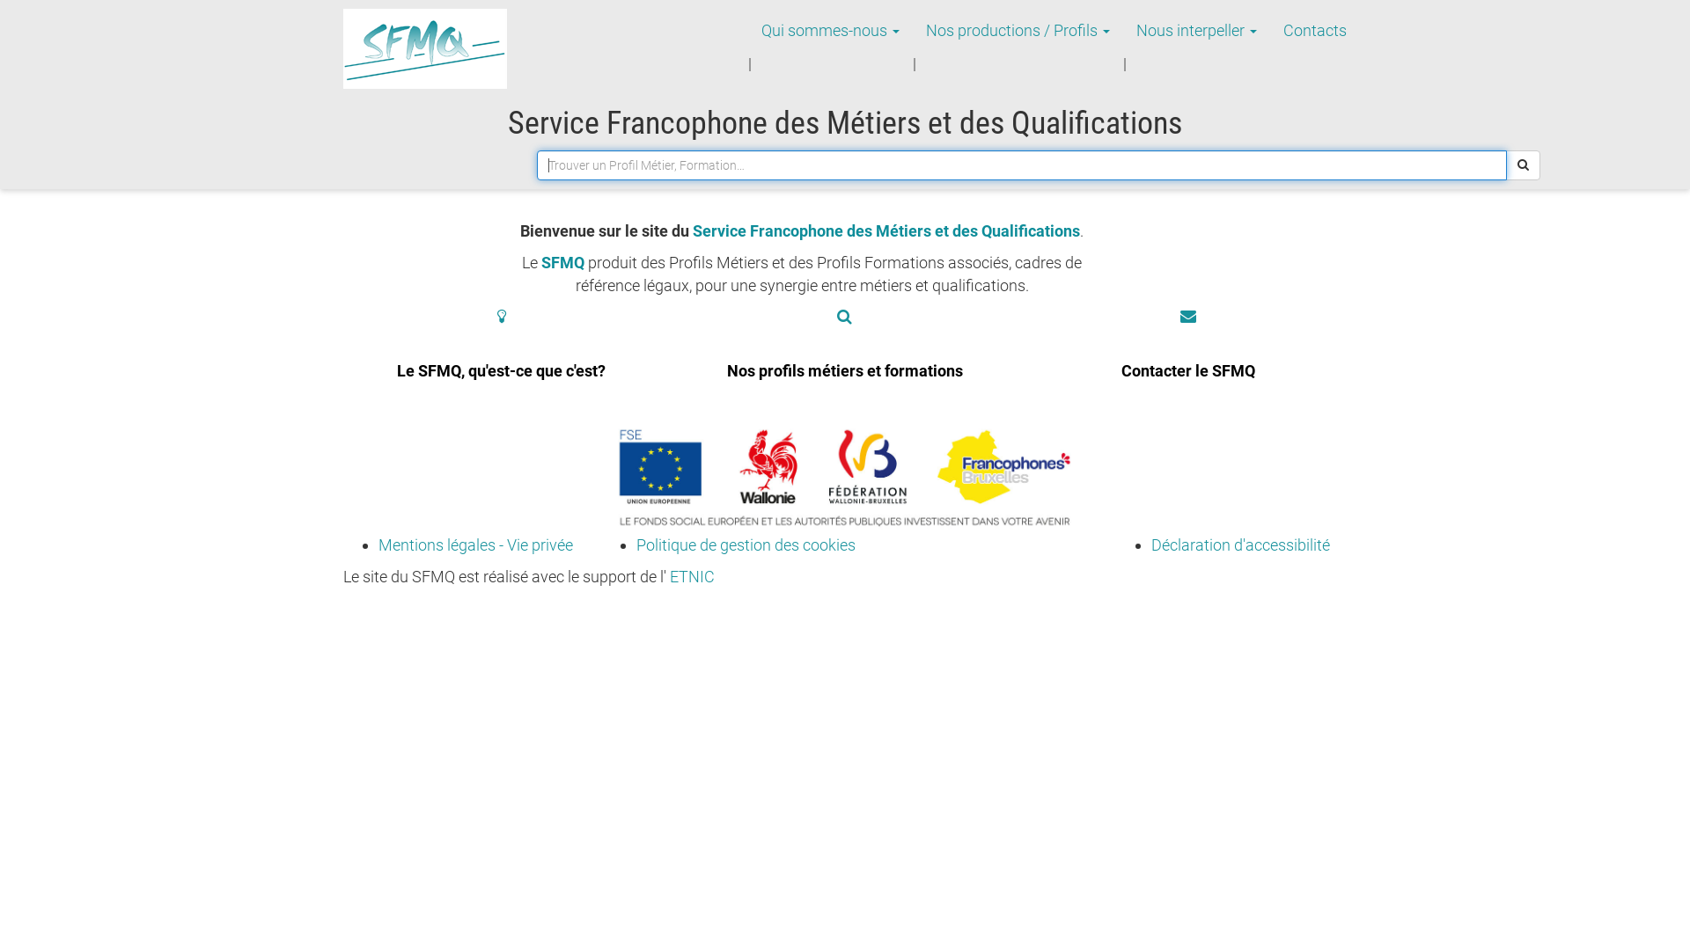  What do you see at coordinates (1196, 30) in the screenshot?
I see `'Nous interpeller'` at bounding box center [1196, 30].